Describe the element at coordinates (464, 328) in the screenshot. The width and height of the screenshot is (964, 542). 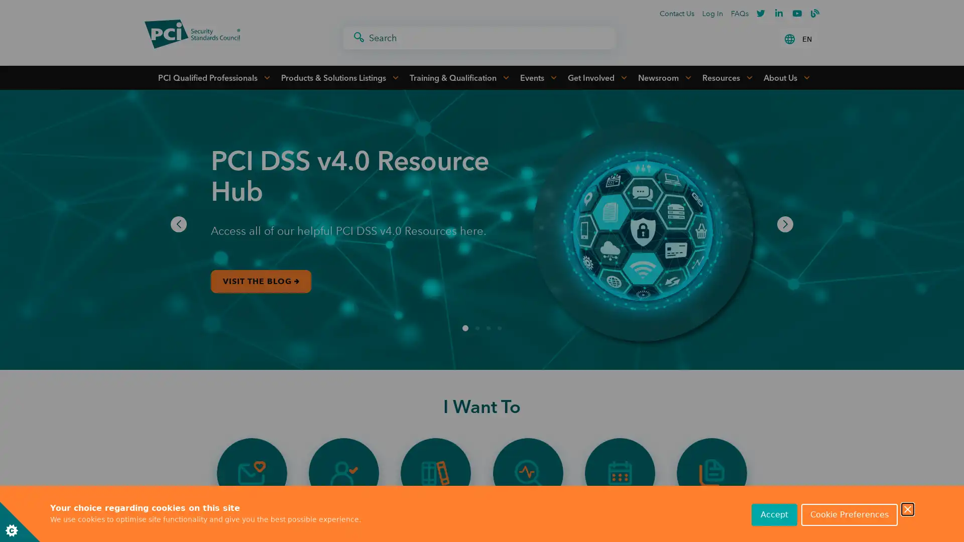
I see `Go to slide 1` at that location.